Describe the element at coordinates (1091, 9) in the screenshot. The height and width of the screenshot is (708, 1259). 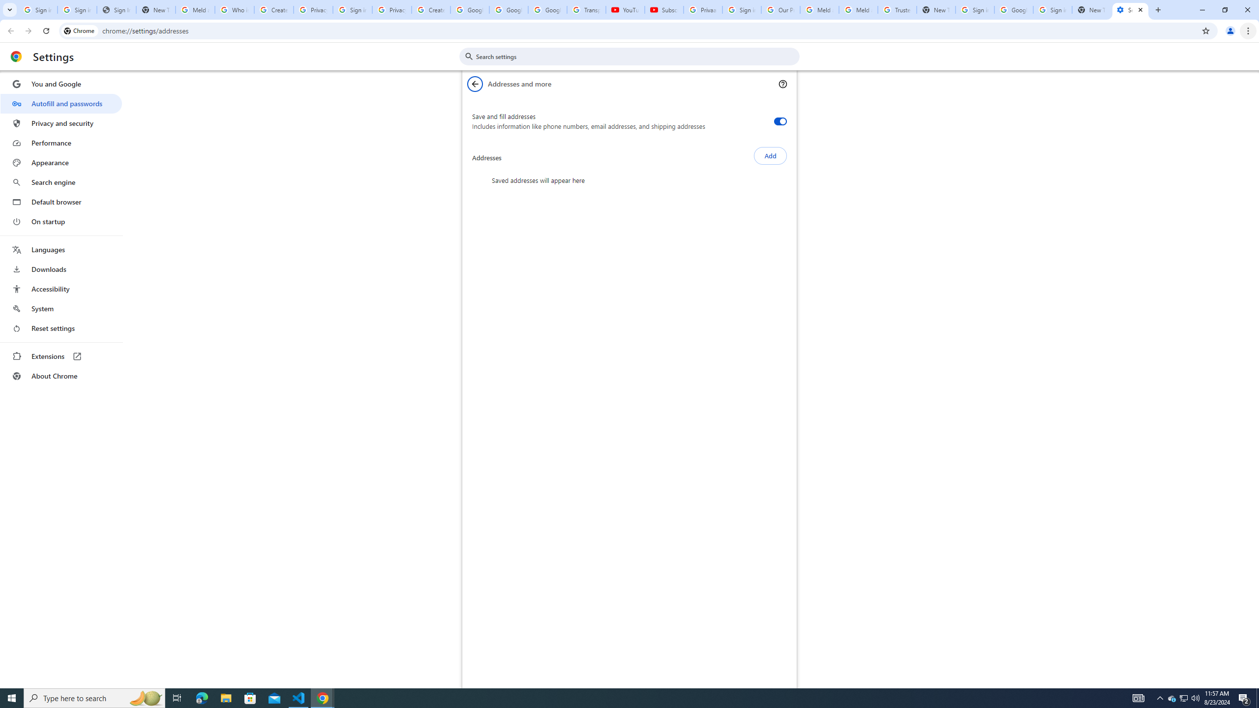
I see `'New Tab'` at that location.